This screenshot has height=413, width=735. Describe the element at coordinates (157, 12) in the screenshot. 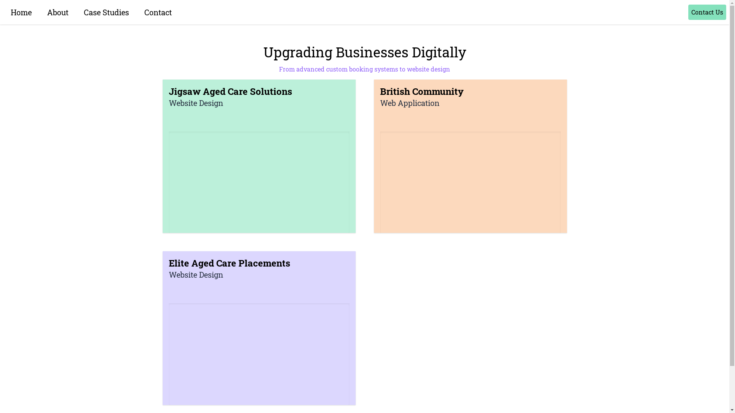

I see `'Contact'` at that location.